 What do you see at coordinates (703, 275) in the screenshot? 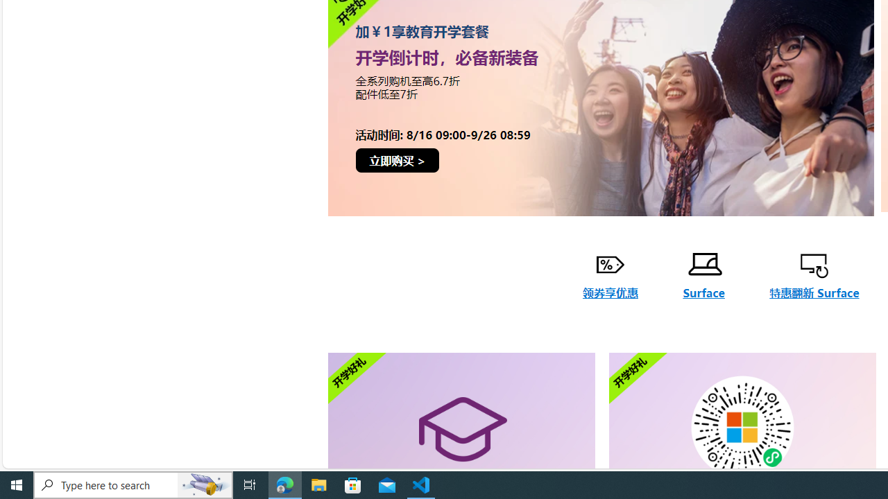
I see `'Surface'` at bounding box center [703, 275].